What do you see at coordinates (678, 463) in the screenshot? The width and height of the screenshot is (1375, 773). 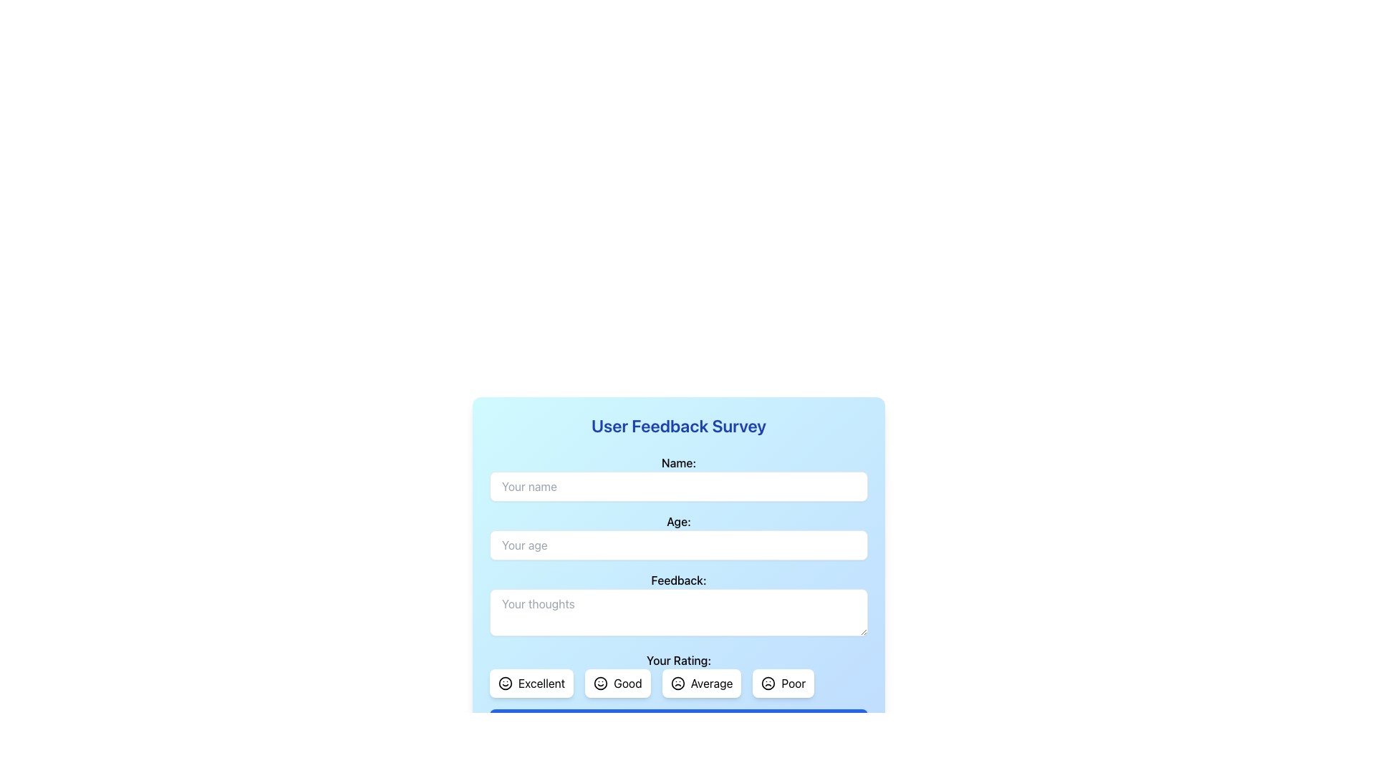 I see `the label that provides a title for the input field where users can enter their name, positioned above the input field labeled 'Your name'` at bounding box center [678, 463].